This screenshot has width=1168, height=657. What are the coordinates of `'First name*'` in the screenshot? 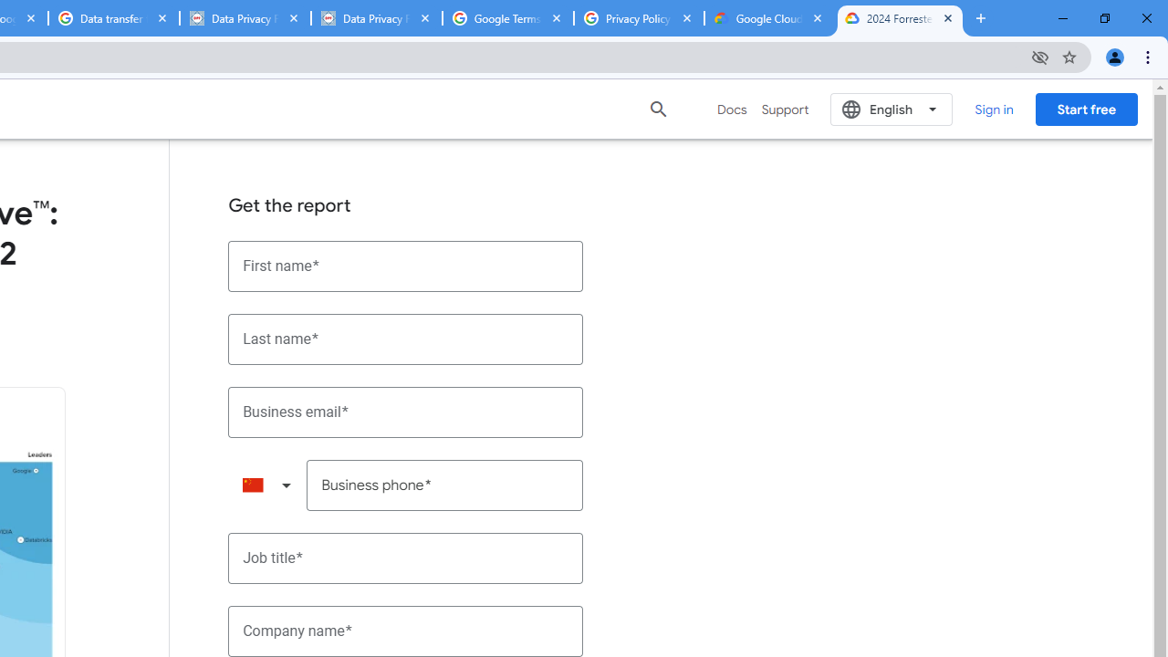 It's located at (405, 266).